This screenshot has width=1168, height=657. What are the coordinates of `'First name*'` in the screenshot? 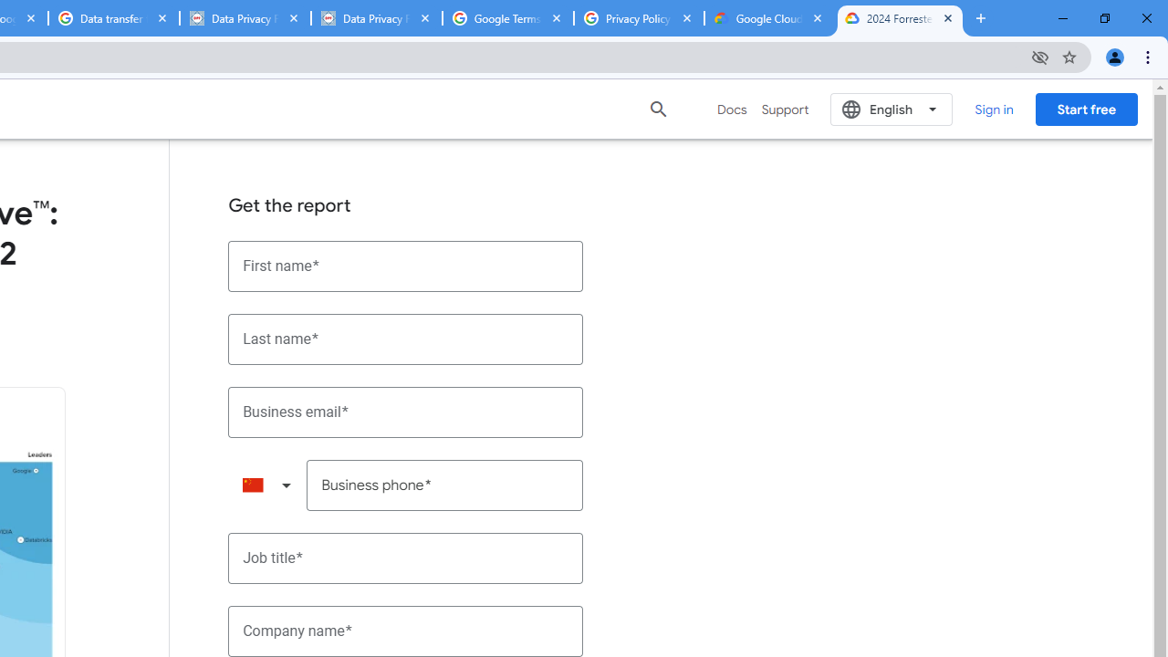 It's located at (405, 266).